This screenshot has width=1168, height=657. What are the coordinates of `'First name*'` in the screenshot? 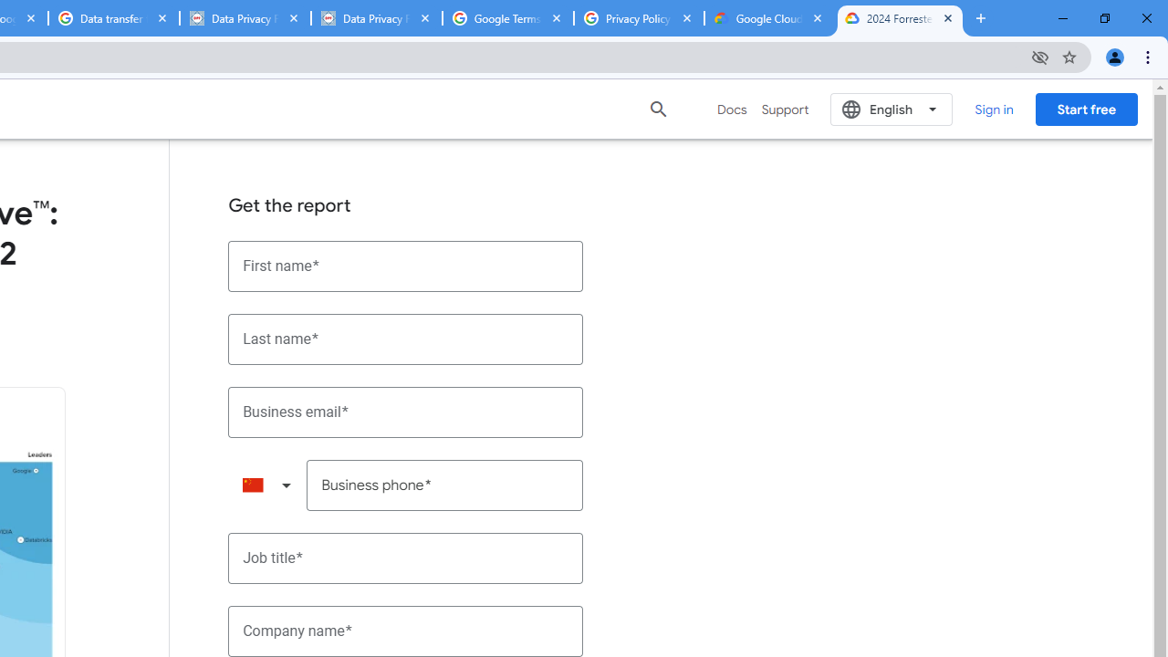 It's located at (405, 266).